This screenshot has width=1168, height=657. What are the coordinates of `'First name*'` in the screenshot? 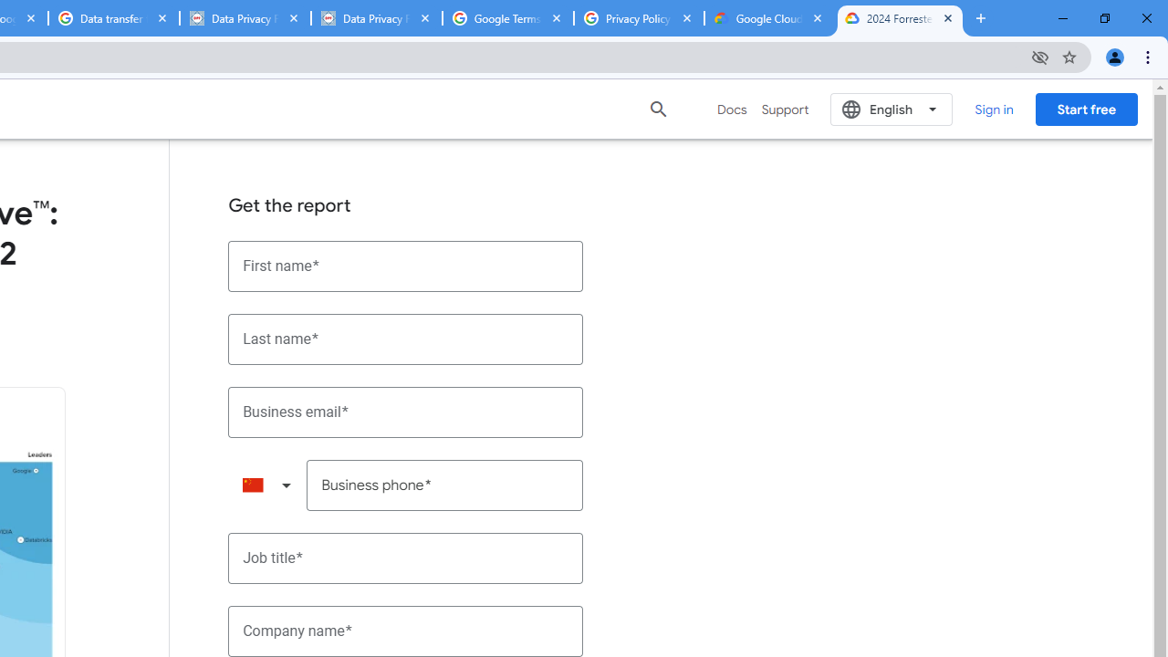 It's located at (405, 266).